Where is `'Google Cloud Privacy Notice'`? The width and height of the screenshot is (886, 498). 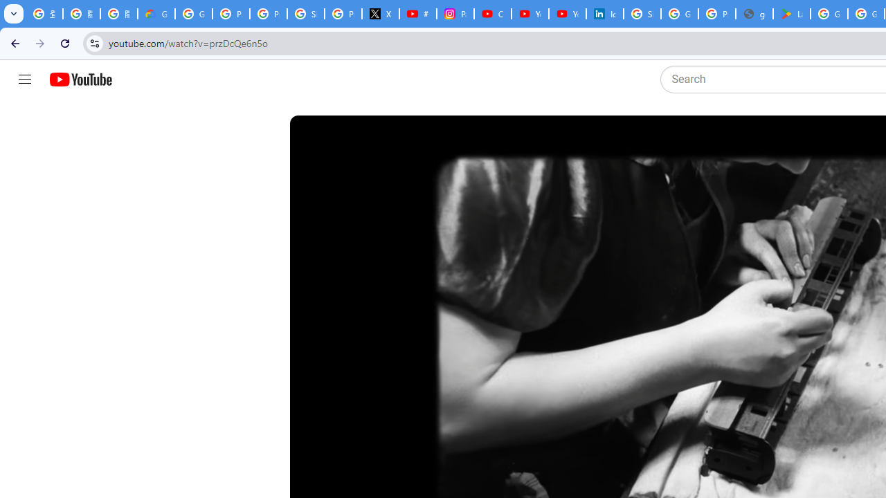 'Google Cloud Privacy Notice' is located at coordinates (156, 14).